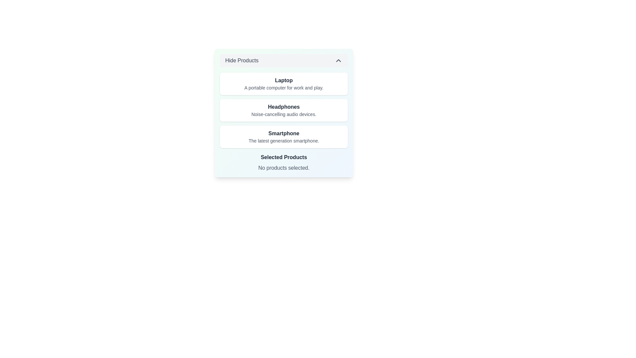 The height and width of the screenshot is (358, 636). I want to click on to select the product card titled 'Smartphone', which is the third item in a vertical list of product cards, so click(284, 136).